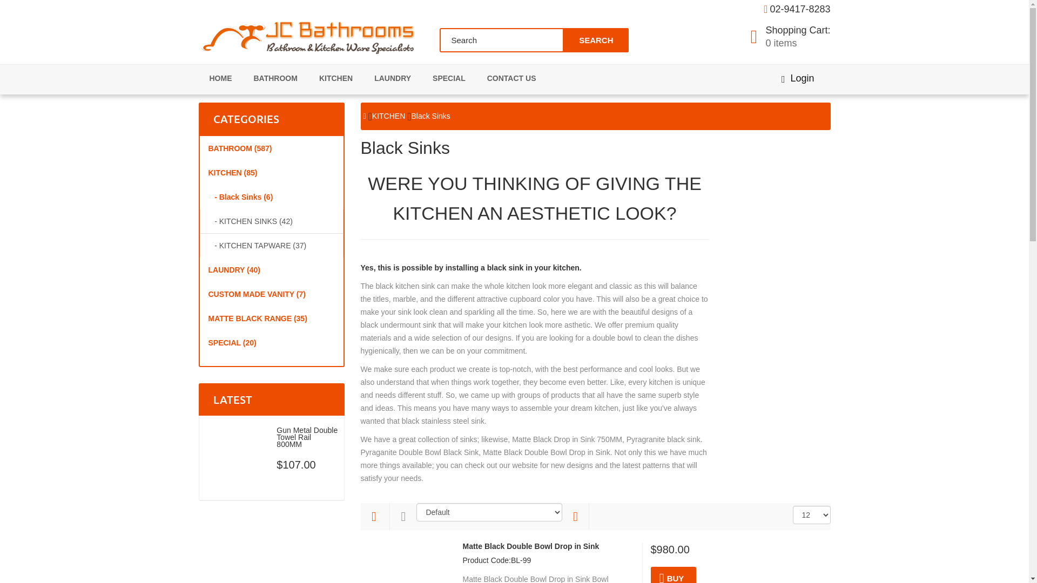  Describe the element at coordinates (800, 9) in the screenshot. I see `'02-9417-8283'` at that location.